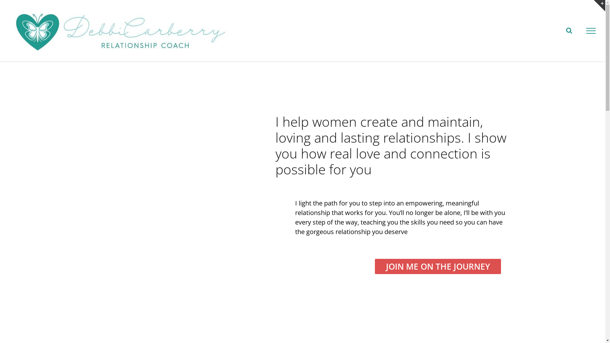 This screenshot has width=610, height=343. Describe the element at coordinates (599, 6) in the screenshot. I see `'Toggle Sliding Bar Area'` at that location.